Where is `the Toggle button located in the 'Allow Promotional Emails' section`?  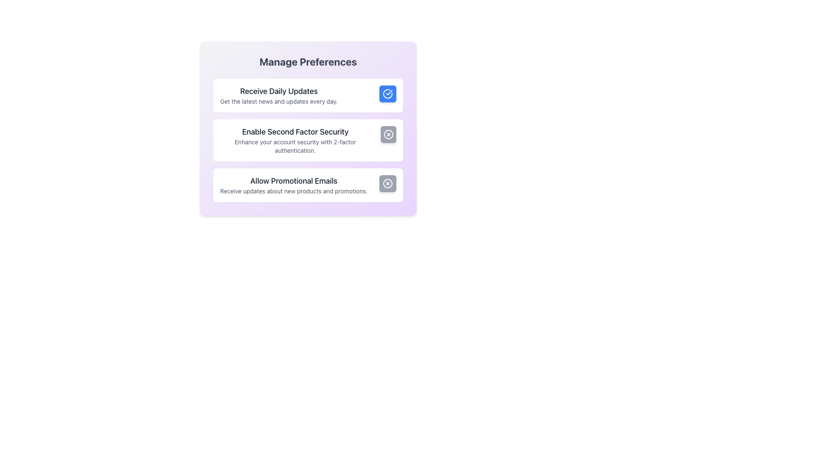 the Toggle button located in the 'Allow Promotional Emails' section is located at coordinates (387, 183).